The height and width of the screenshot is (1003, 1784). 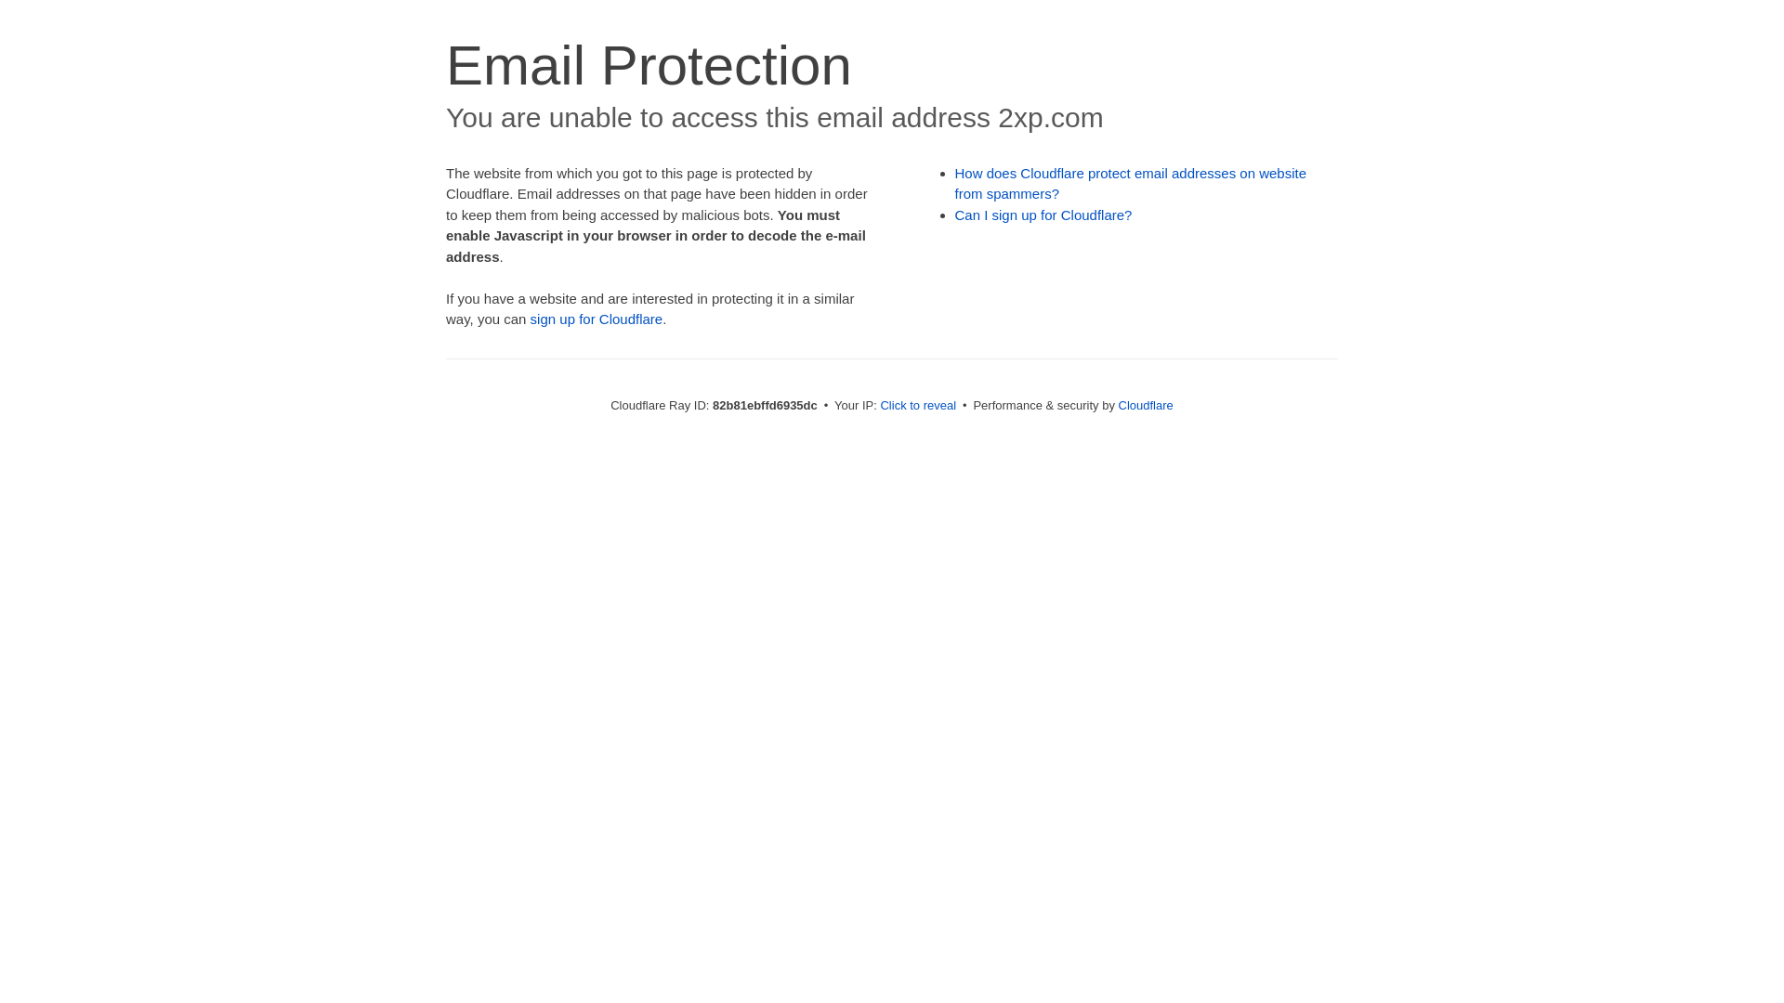 What do you see at coordinates (530, 318) in the screenshot?
I see `'sign up for Cloudflare'` at bounding box center [530, 318].